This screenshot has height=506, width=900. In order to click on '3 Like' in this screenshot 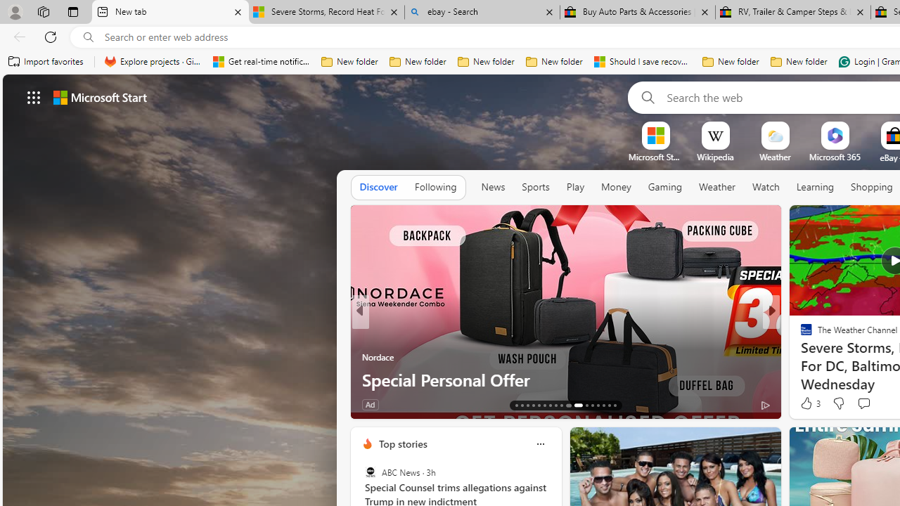, I will do `click(809, 403)`.